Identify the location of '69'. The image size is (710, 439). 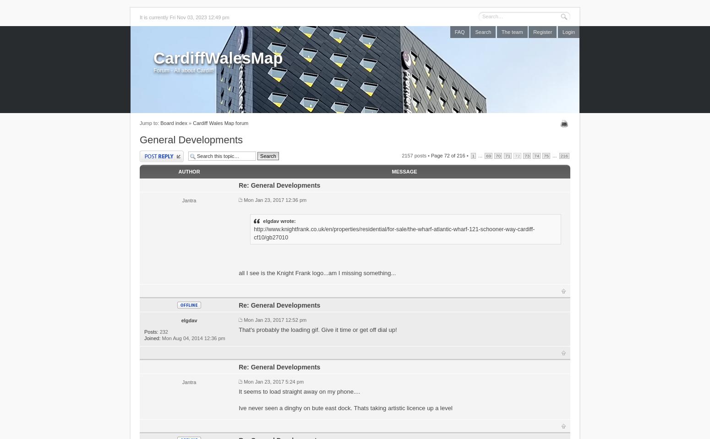
(486, 155).